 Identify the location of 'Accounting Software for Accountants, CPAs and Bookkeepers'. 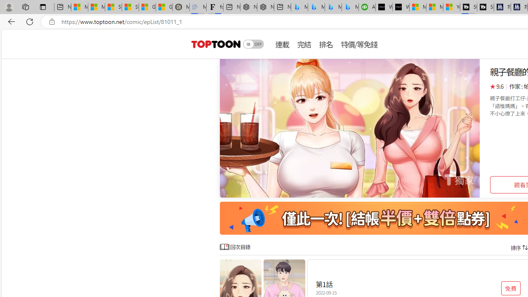
(367, 7).